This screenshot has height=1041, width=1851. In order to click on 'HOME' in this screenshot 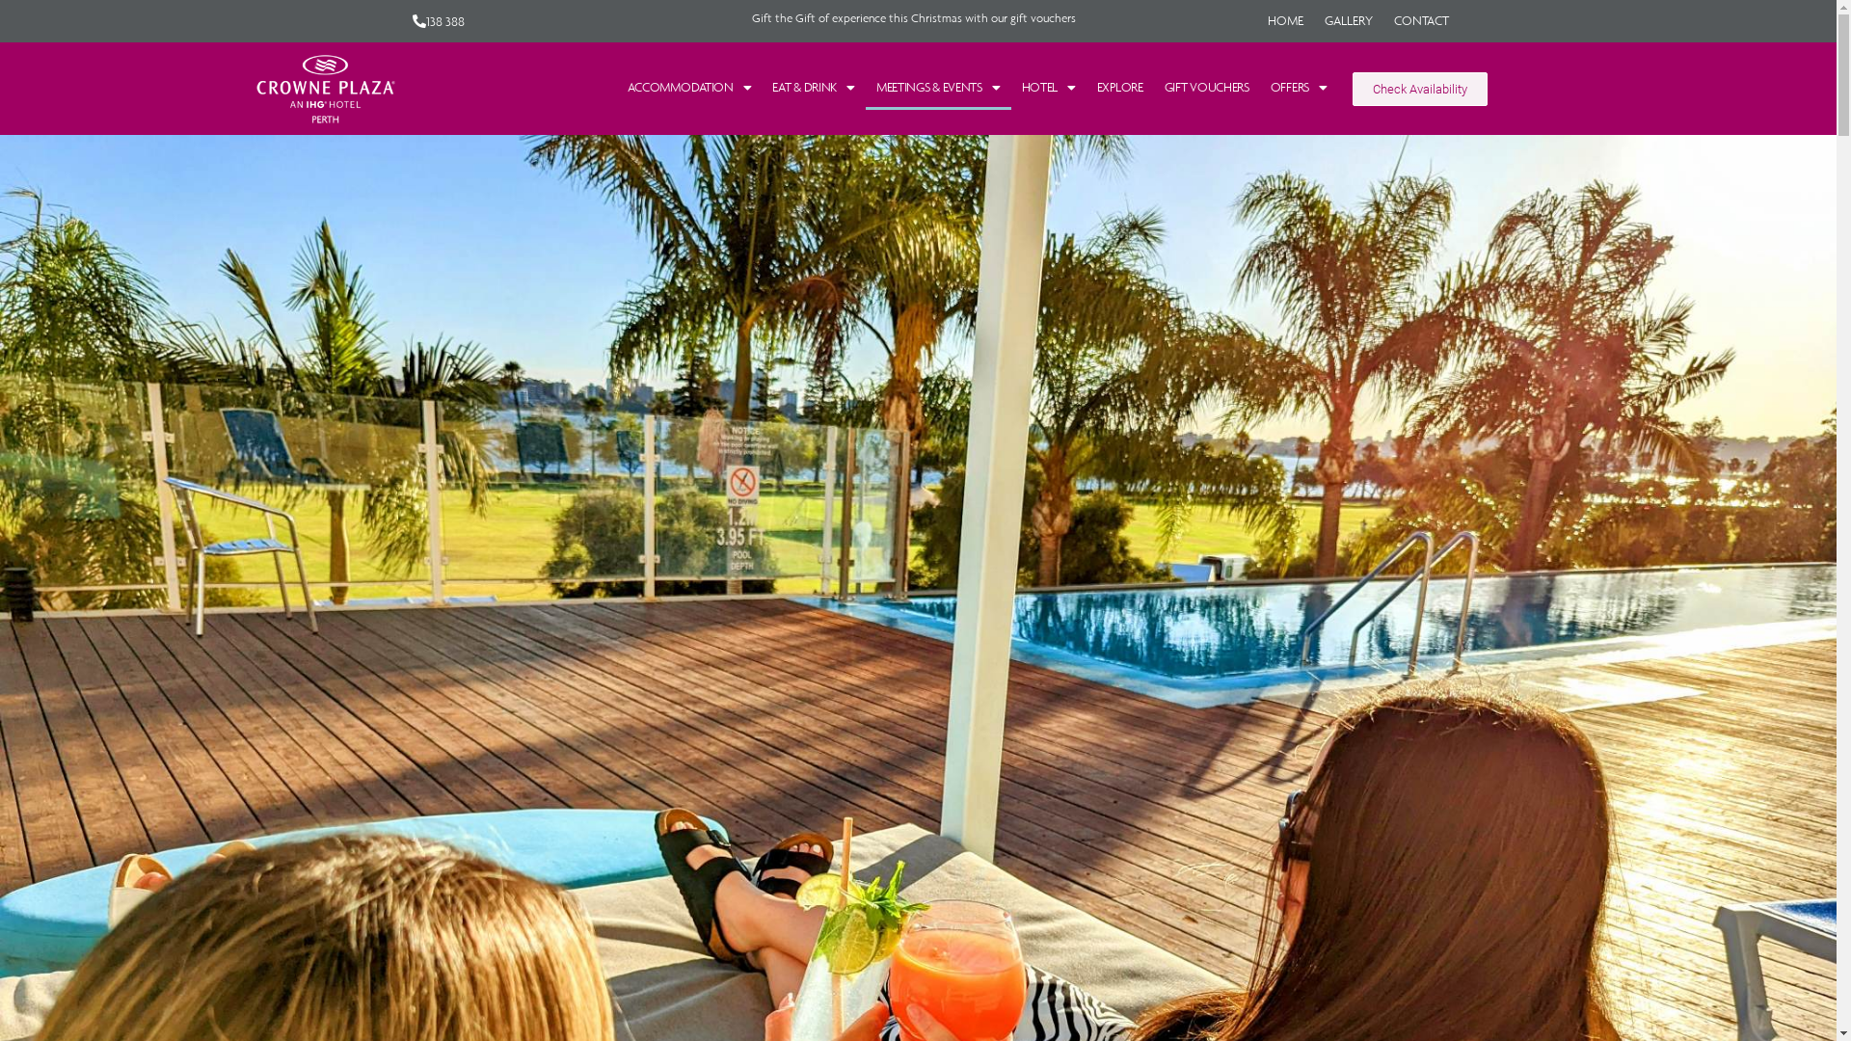, I will do `click(1285, 21)`.